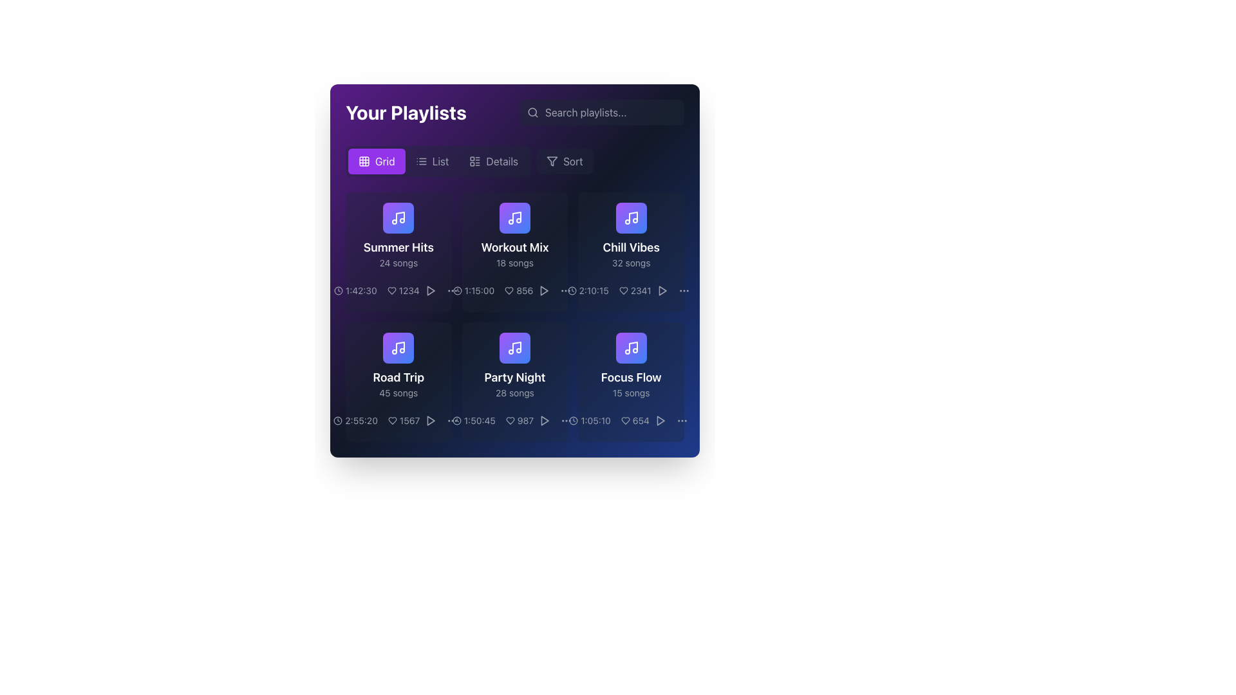 Image resolution: width=1236 pixels, height=695 pixels. Describe the element at coordinates (400, 346) in the screenshot. I see `the appearance of the music symbol icon located in the top-left corner of the 'Road Trip' music playlist card, which is represented by a purple square` at that location.